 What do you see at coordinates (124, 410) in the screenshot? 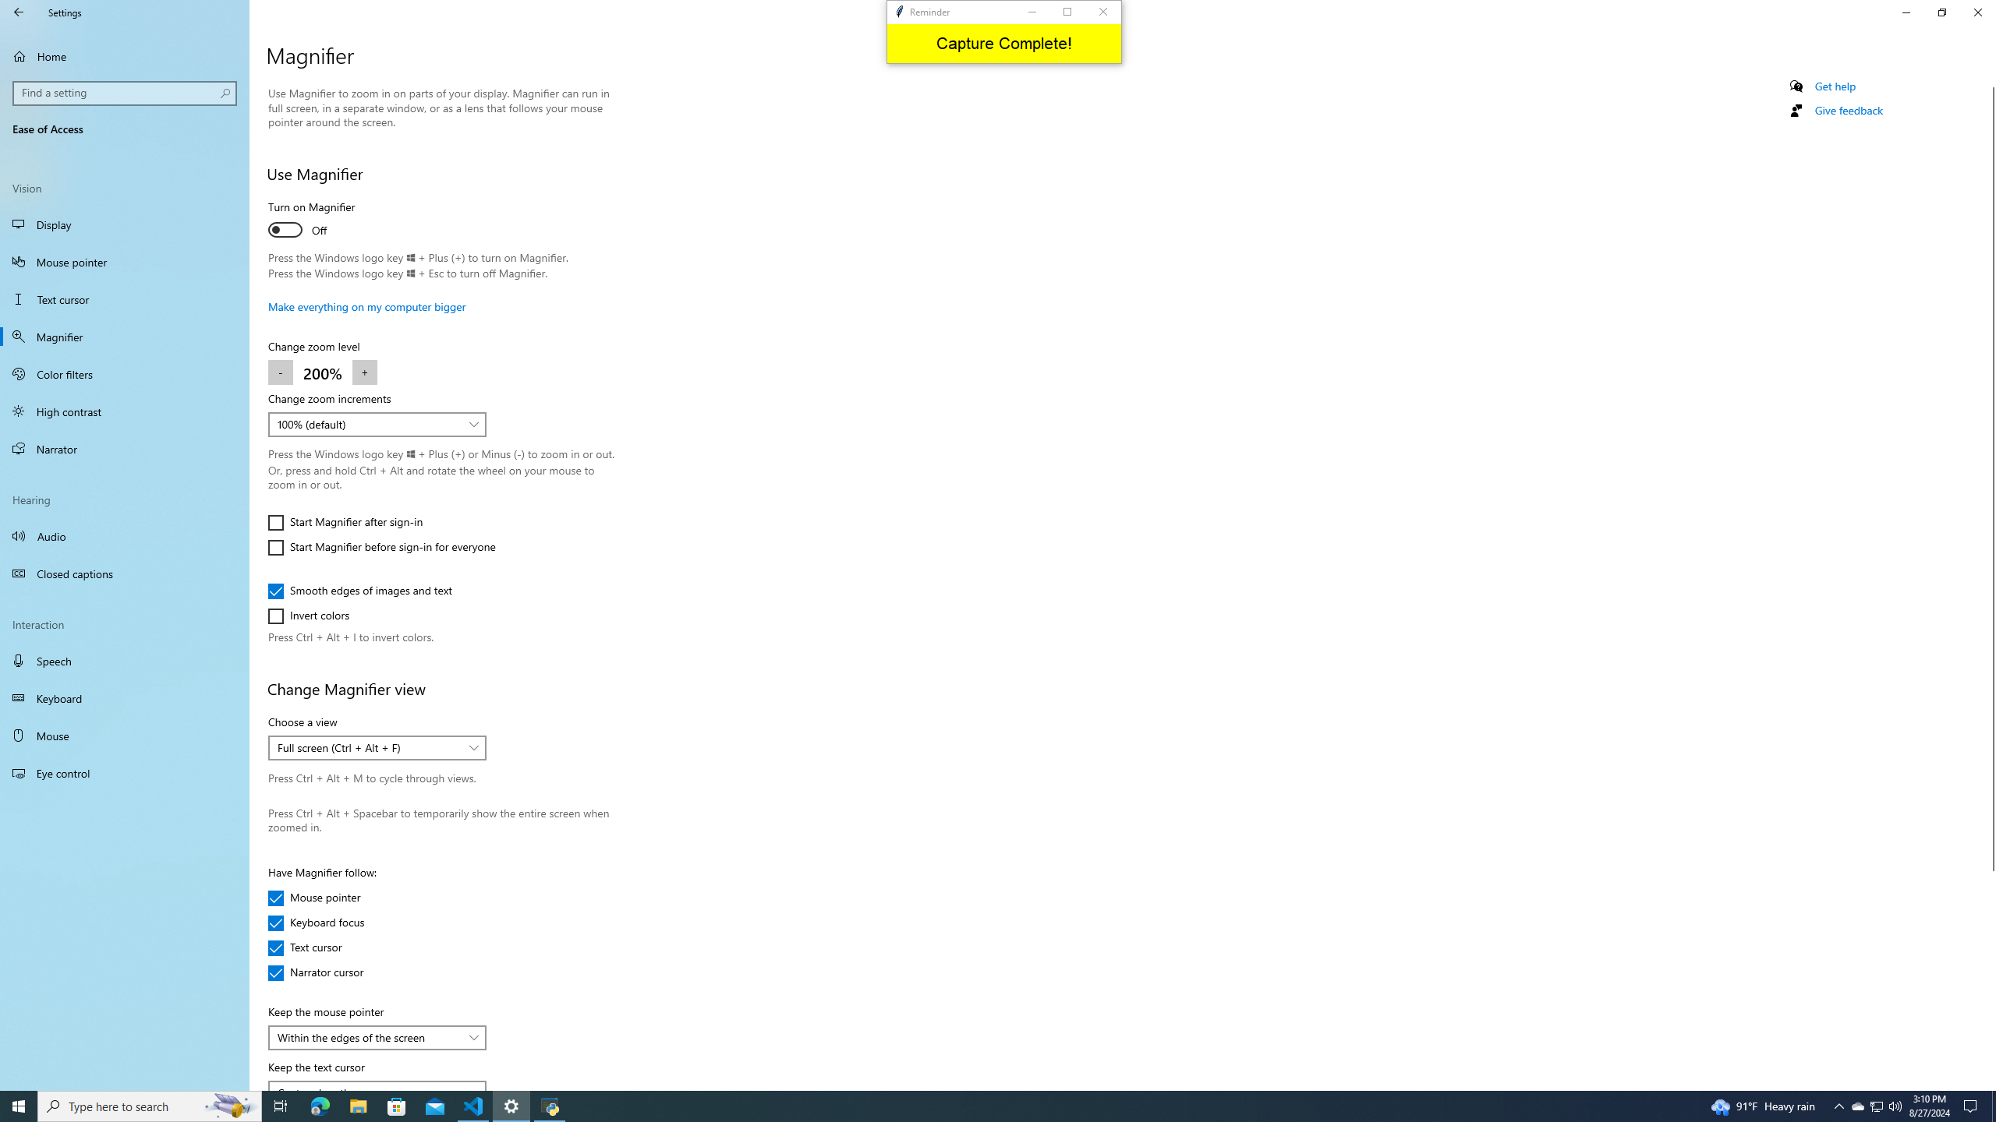
I see `'High contrast'` at bounding box center [124, 410].